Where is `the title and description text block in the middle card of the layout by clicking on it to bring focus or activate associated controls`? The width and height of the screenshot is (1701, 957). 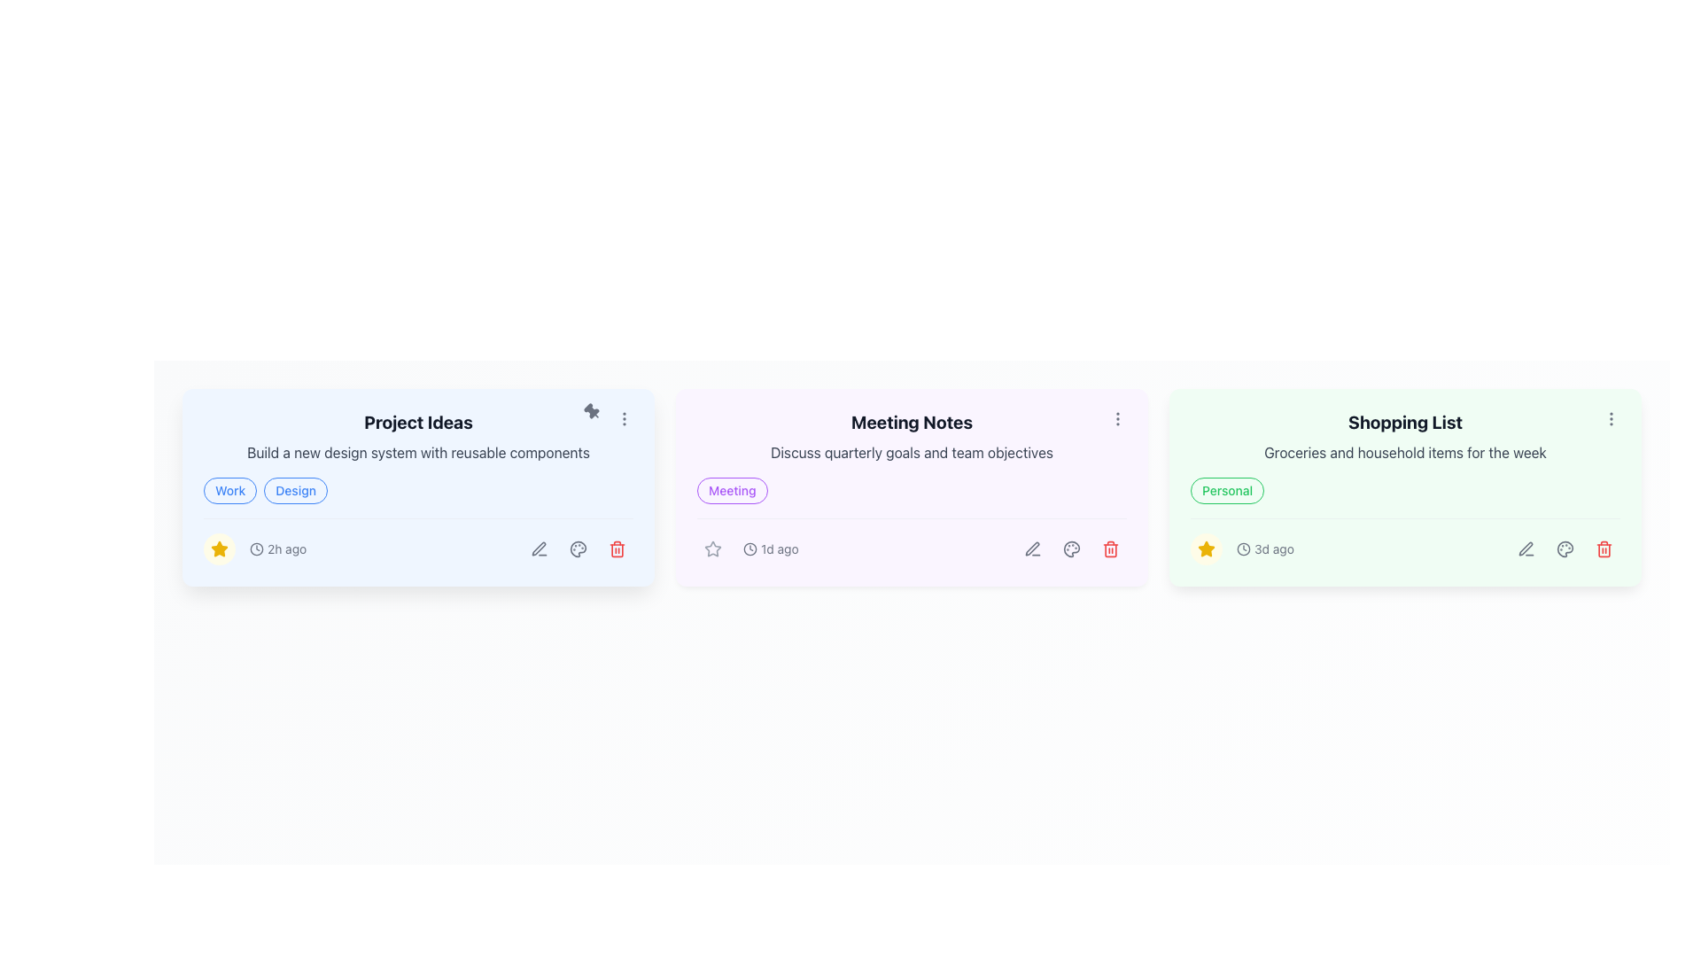
the title and description text block in the middle card of the layout by clicking on it to bring focus or activate associated controls is located at coordinates (912, 437).